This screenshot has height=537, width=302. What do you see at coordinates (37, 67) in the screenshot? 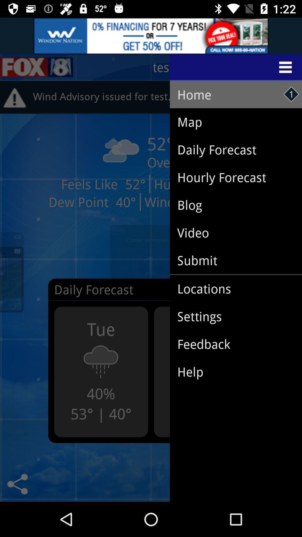
I see `the sliders icon` at bounding box center [37, 67].